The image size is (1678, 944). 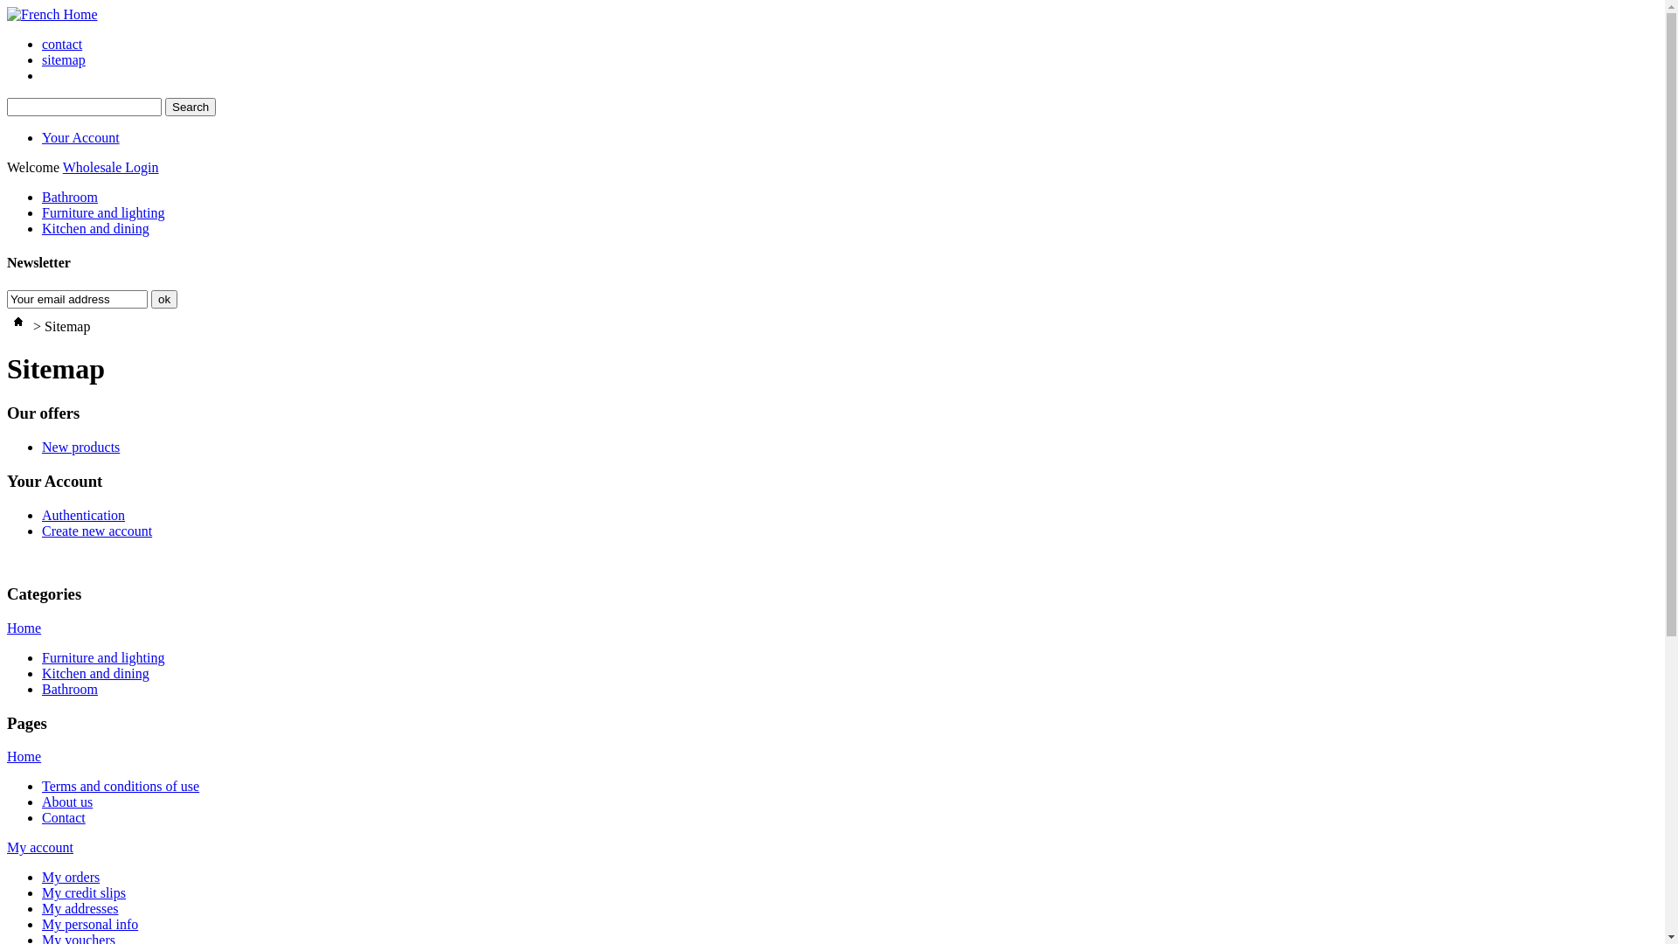 What do you see at coordinates (42, 59) in the screenshot?
I see `'sitemap'` at bounding box center [42, 59].